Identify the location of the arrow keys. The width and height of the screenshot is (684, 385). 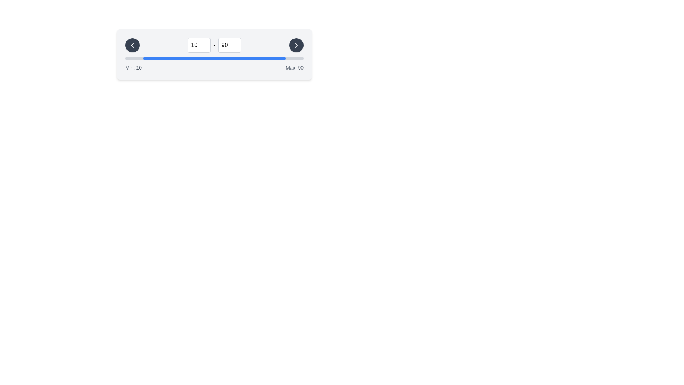
(229, 45).